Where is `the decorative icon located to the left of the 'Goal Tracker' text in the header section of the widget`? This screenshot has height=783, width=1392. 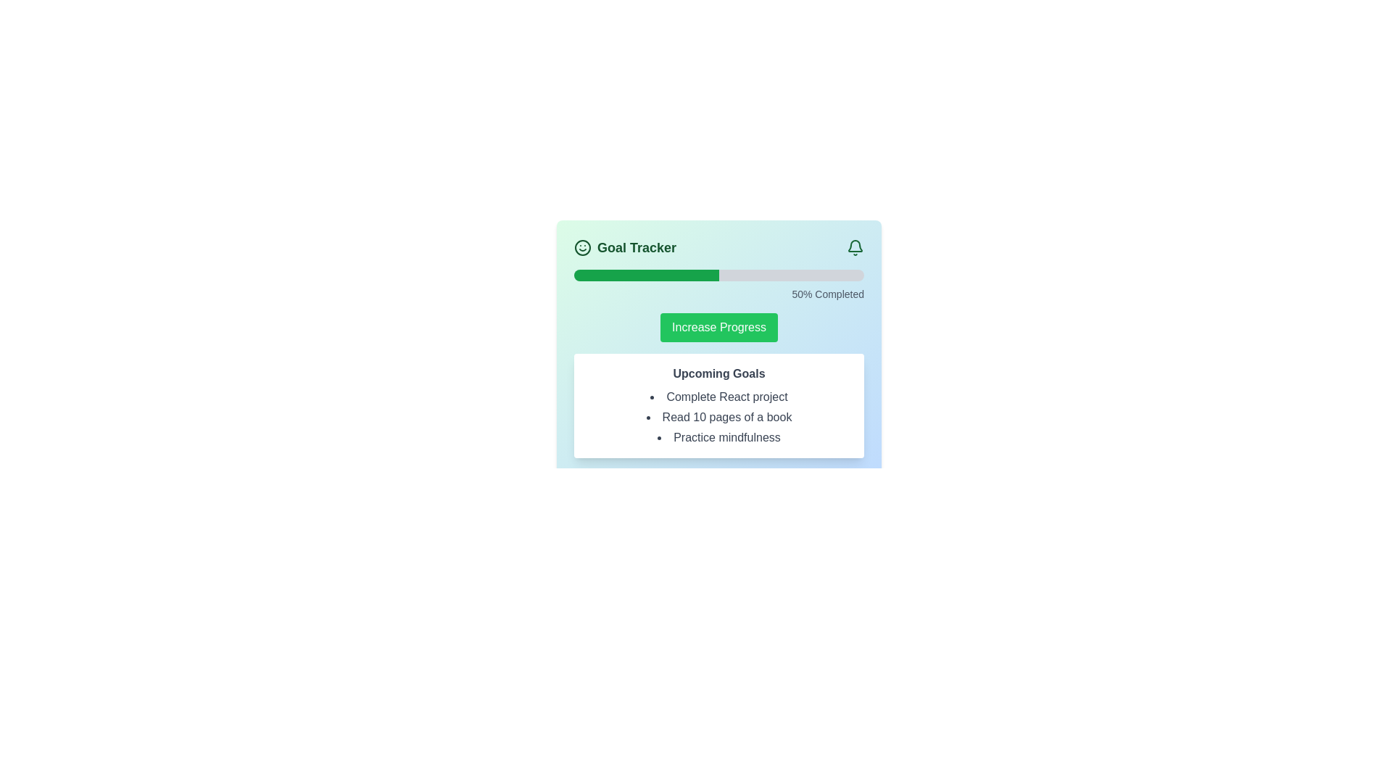 the decorative icon located to the left of the 'Goal Tracker' text in the header section of the widget is located at coordinates (583, 247).